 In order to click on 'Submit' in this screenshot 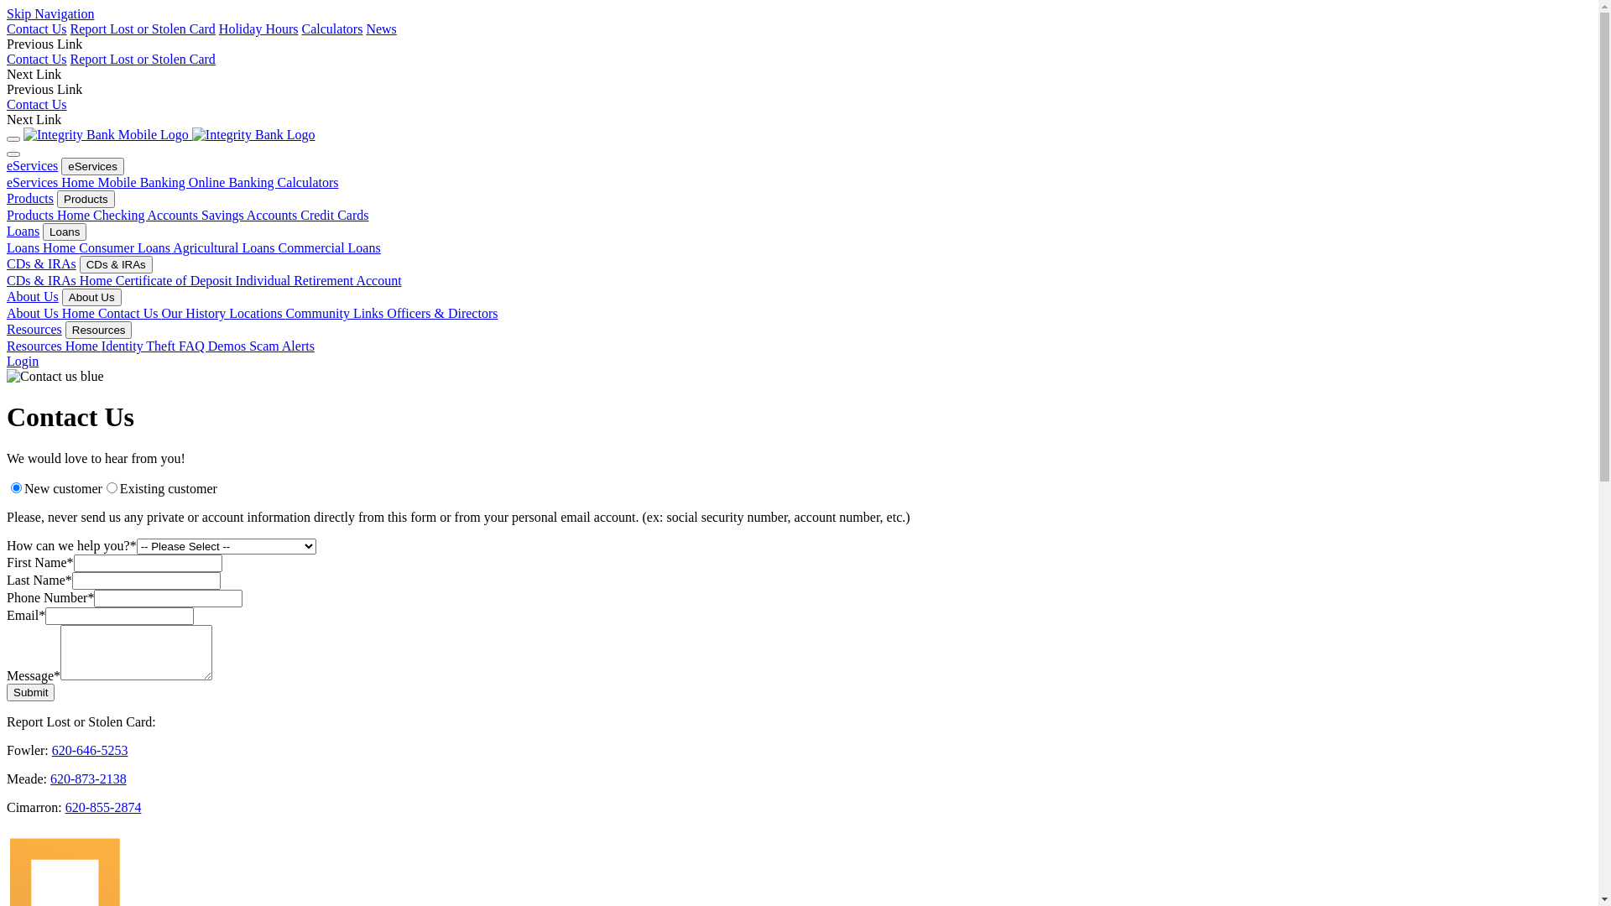, I will do `click(7, 692)`.